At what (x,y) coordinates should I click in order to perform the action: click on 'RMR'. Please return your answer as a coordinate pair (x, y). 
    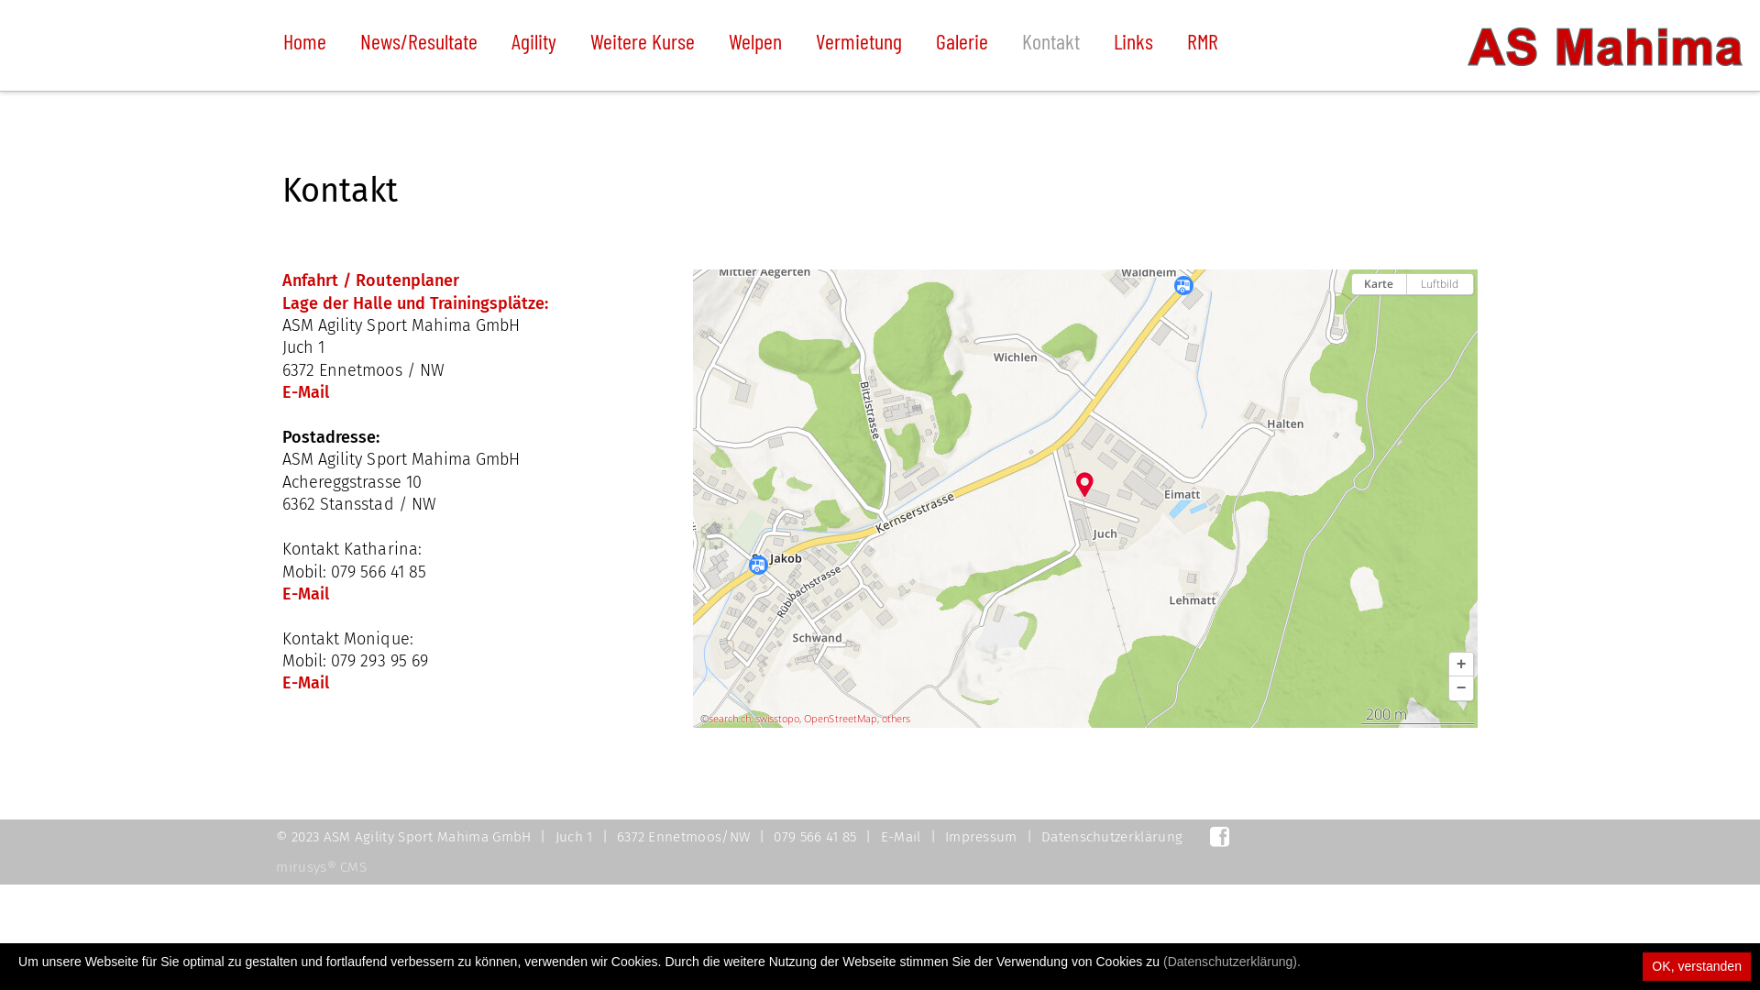
    Looking at the image, I should click on (1202, 45).